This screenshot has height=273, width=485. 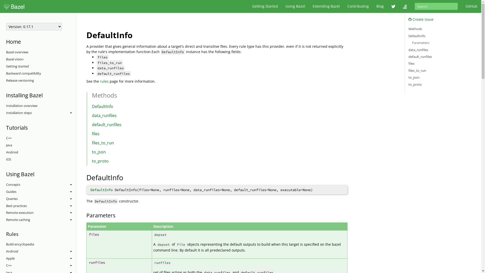 What do you see at coordinates (104, 81) in the screenshot?
I see `'rules'` at bounding box center [104, 81].